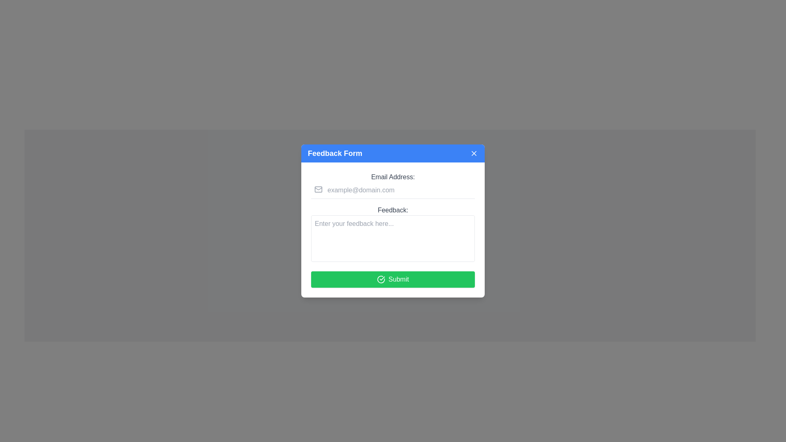 The image size is (786, 442). What do you see at coordinates (393, 221) in the screenshot?
I see `the central modal dialog box to focus on it for user feedback input` at bounding box center [393, 221].